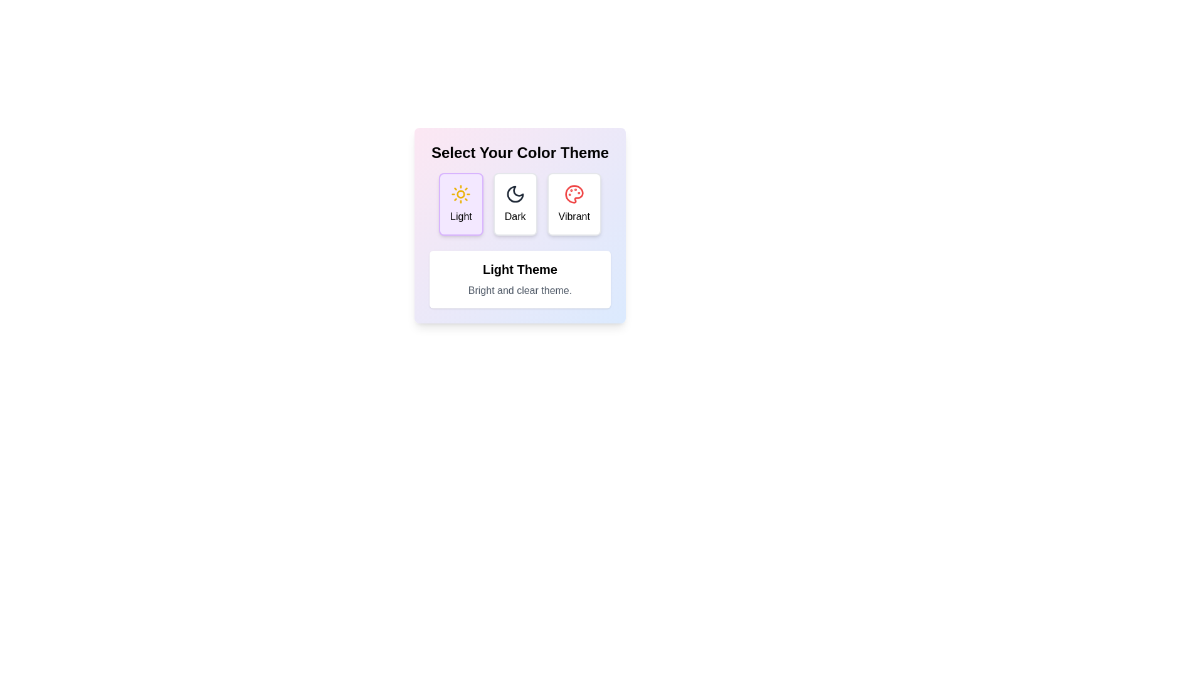  I want to click on the 'Dark' button, which is a rectangular card with a rounded border and a crescent moon icon above the text in bold, so click(515, 204).